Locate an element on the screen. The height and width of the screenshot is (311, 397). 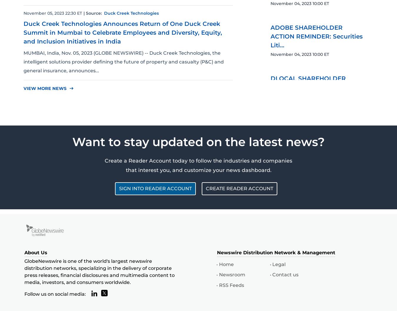
'View More News' is located at coordinates (23, 88).